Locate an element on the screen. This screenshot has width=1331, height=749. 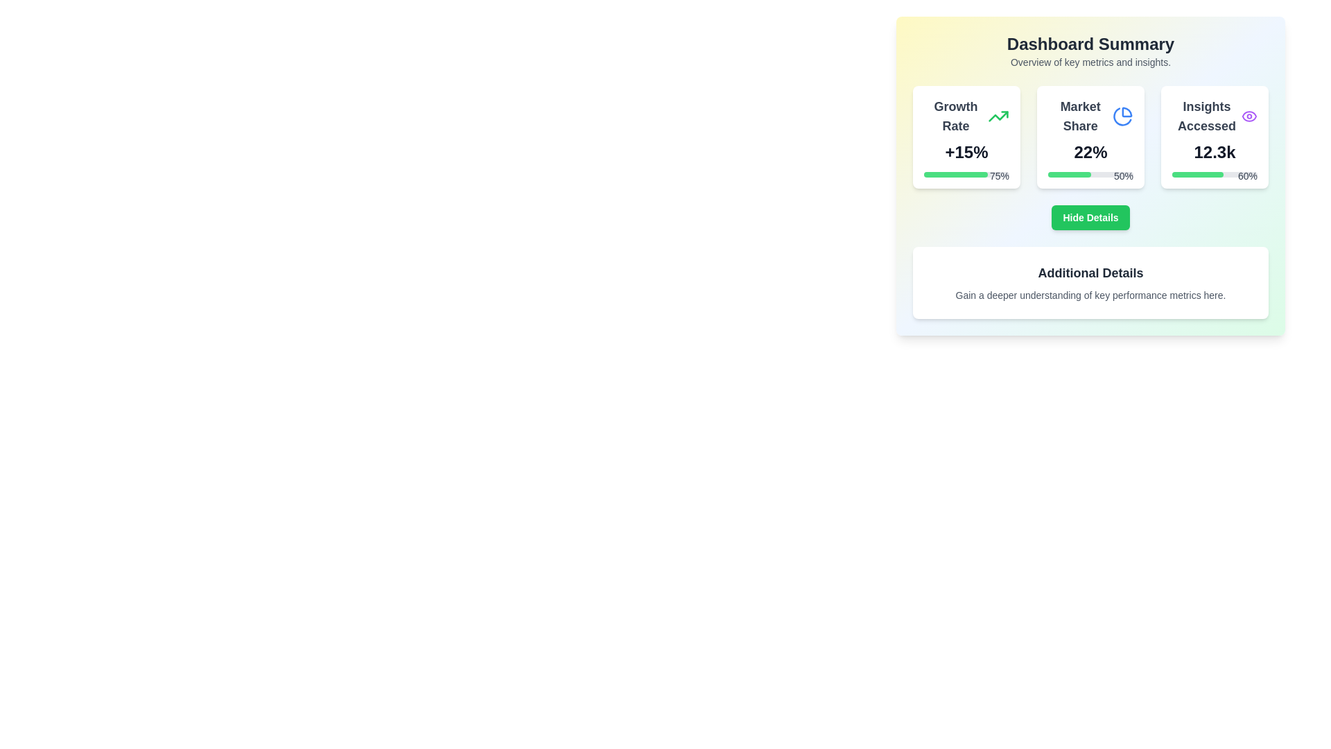
displayed text 'Growth Rate' from the label with an icon located at the top-left corner of the main dashboard section, which is above a percentage value and aligned with adjacent cards is located at coordinates (966, 116).